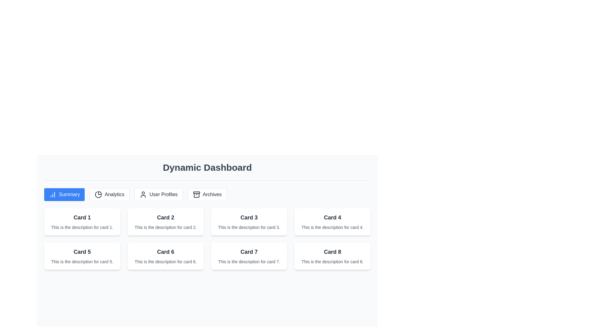 The width and height of the screenshot is (589, 331). I want to click on the 'Archives' button located in the horizontal navigation bar, so click(207, 195).